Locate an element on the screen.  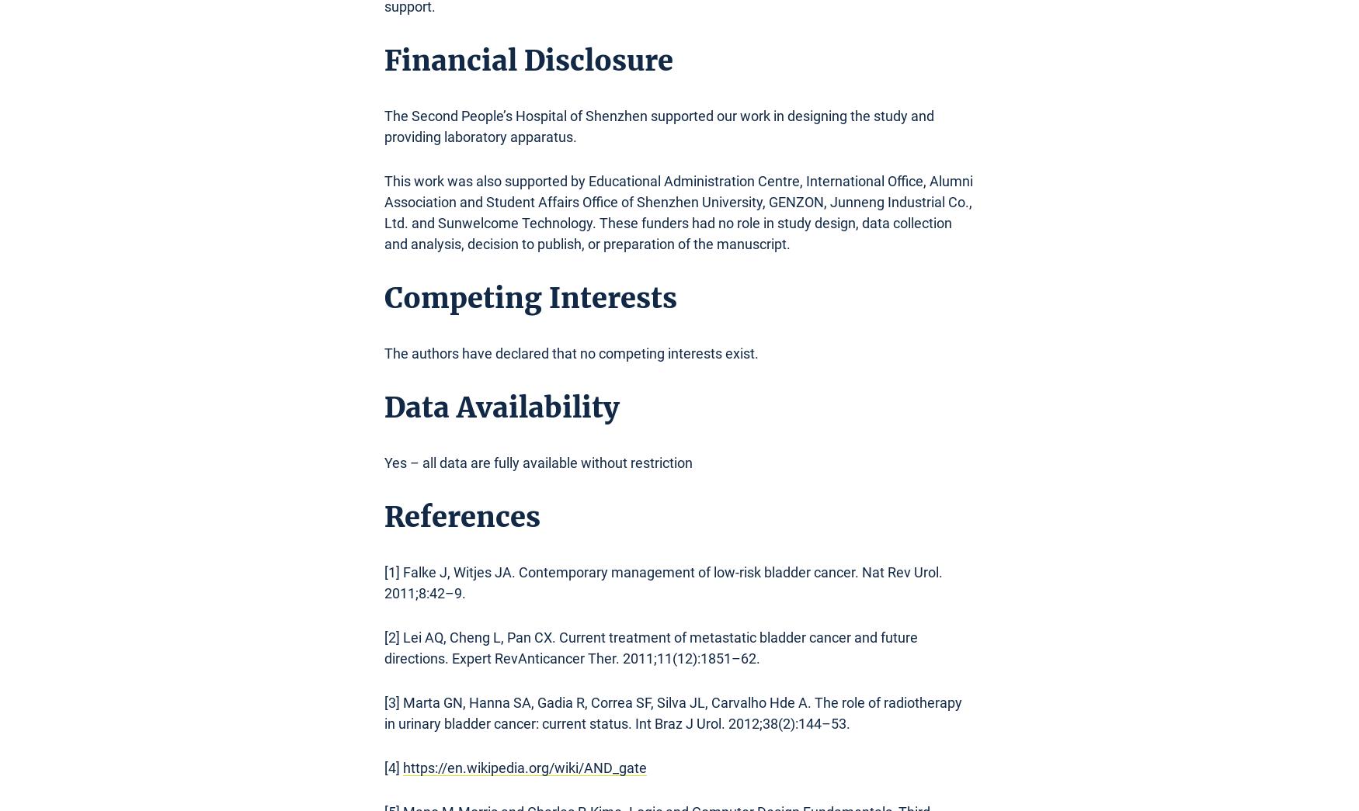
'Competing Interests' is located at coordinates (530, 297).